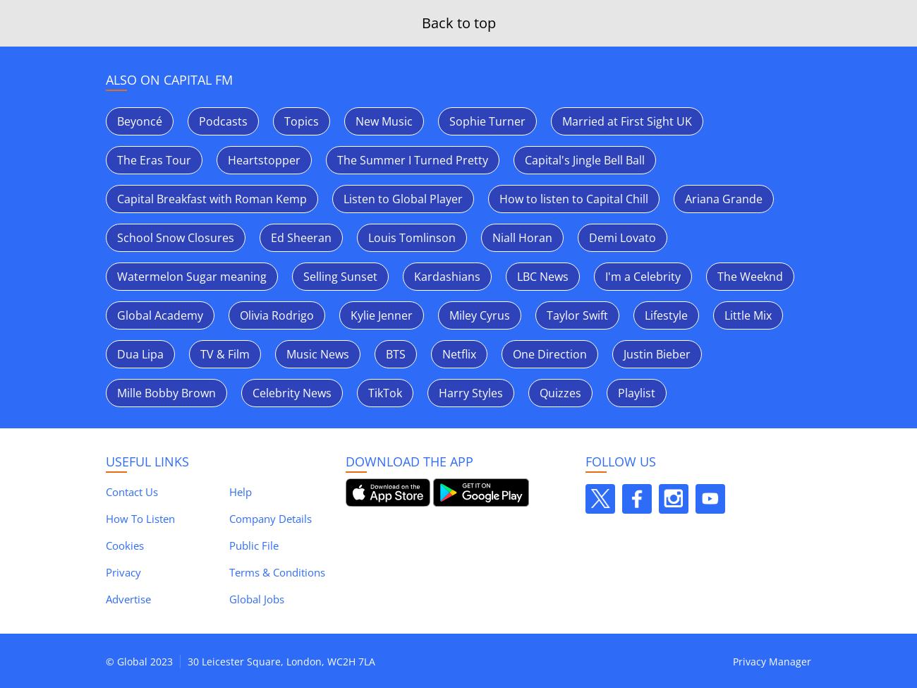 The image size is (917, 688). What do you see at coordinates (225, 354) in the screenshot?
I see `'TV & Film'` at bounding box center [225, 354].